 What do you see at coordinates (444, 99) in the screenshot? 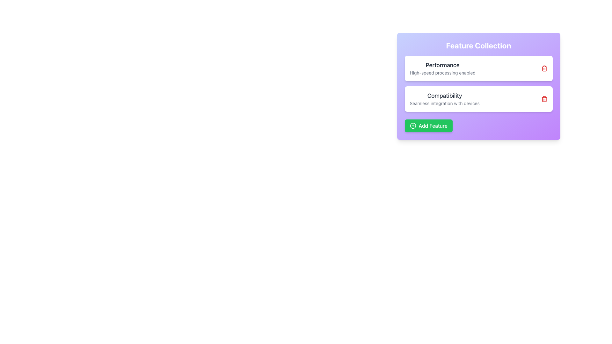
I see `the 'Compatibility' information display block element, which features a bold heading and explanatory text about device integration` at bounding box center [444, 99].